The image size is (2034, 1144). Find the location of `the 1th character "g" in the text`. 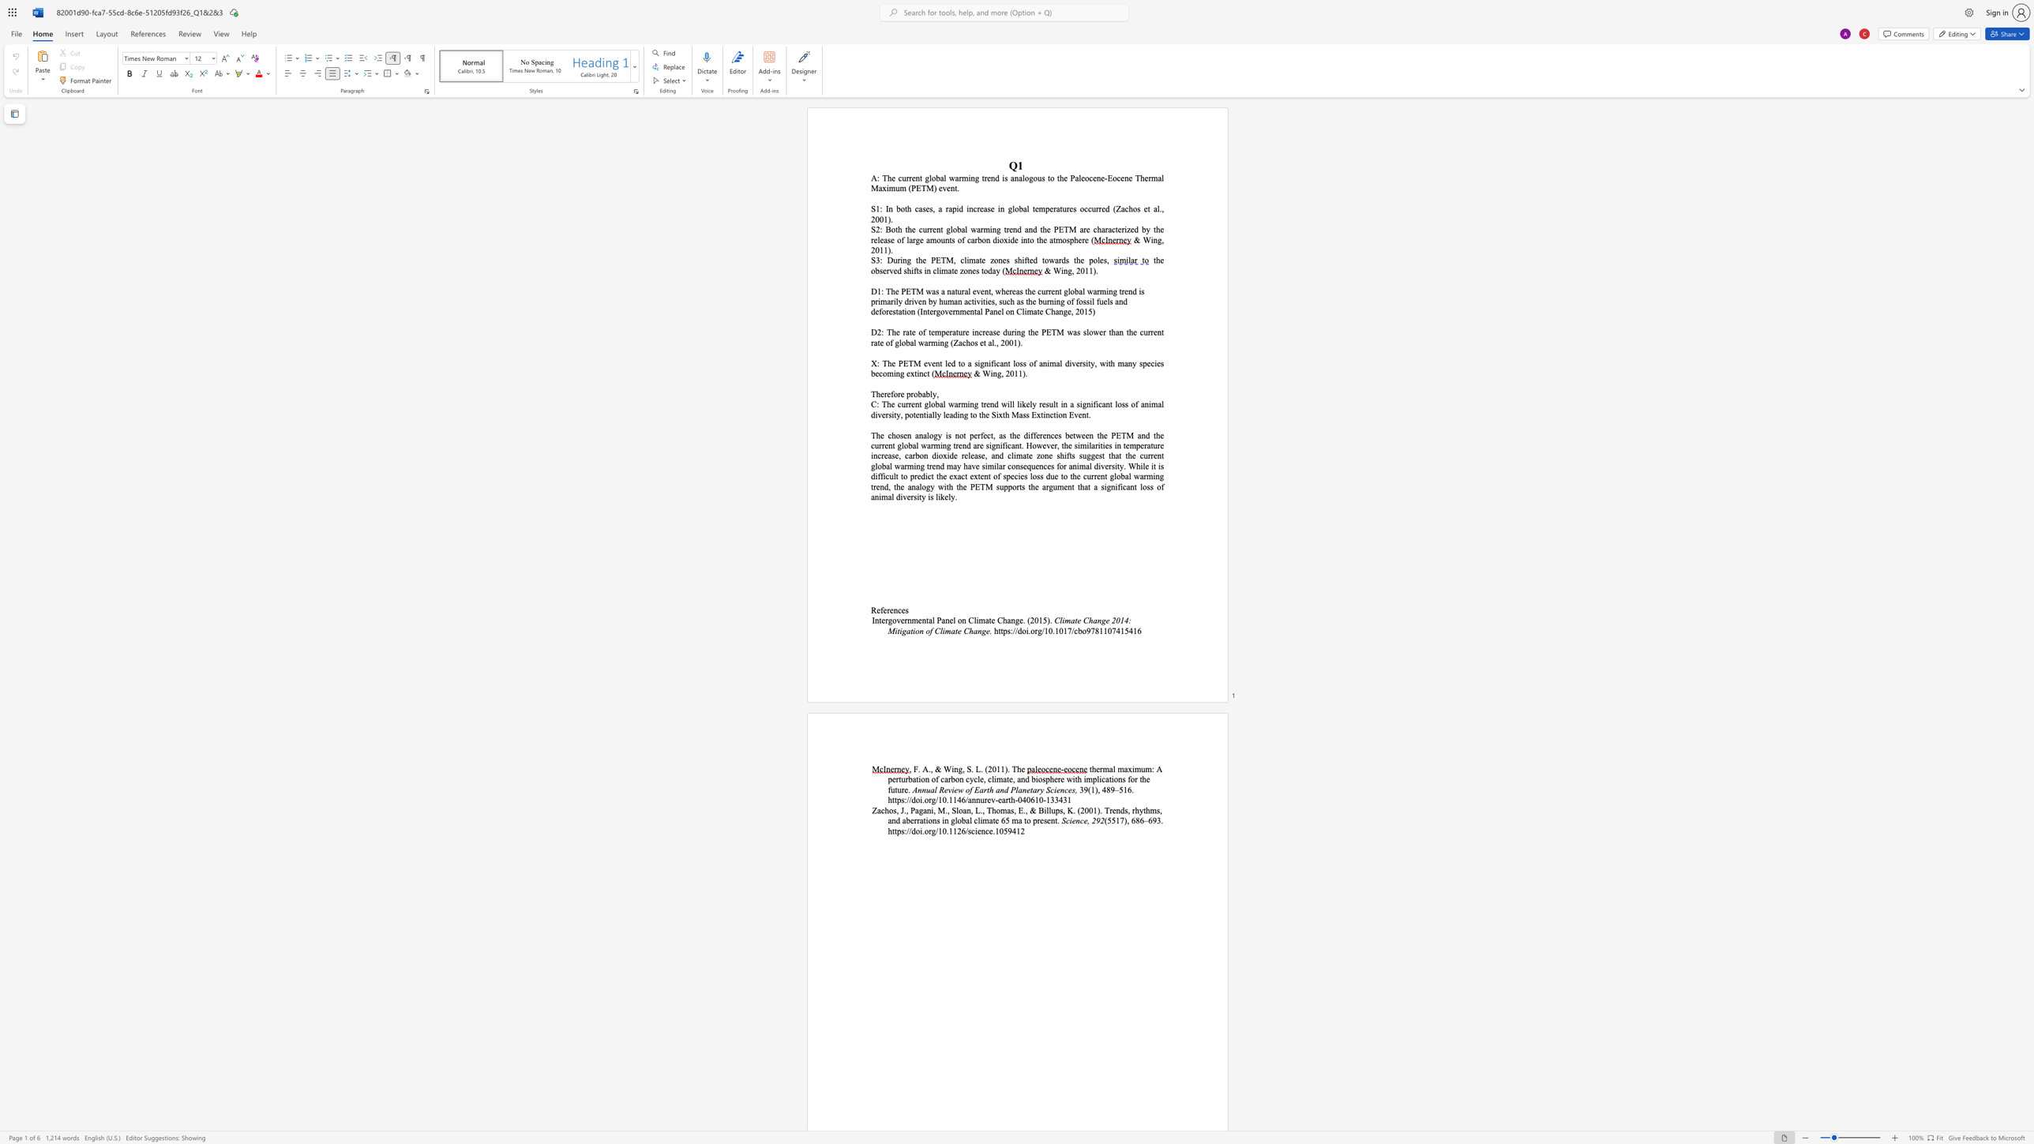

the 1th character "g" in the text is located at coordinates (908, 259).